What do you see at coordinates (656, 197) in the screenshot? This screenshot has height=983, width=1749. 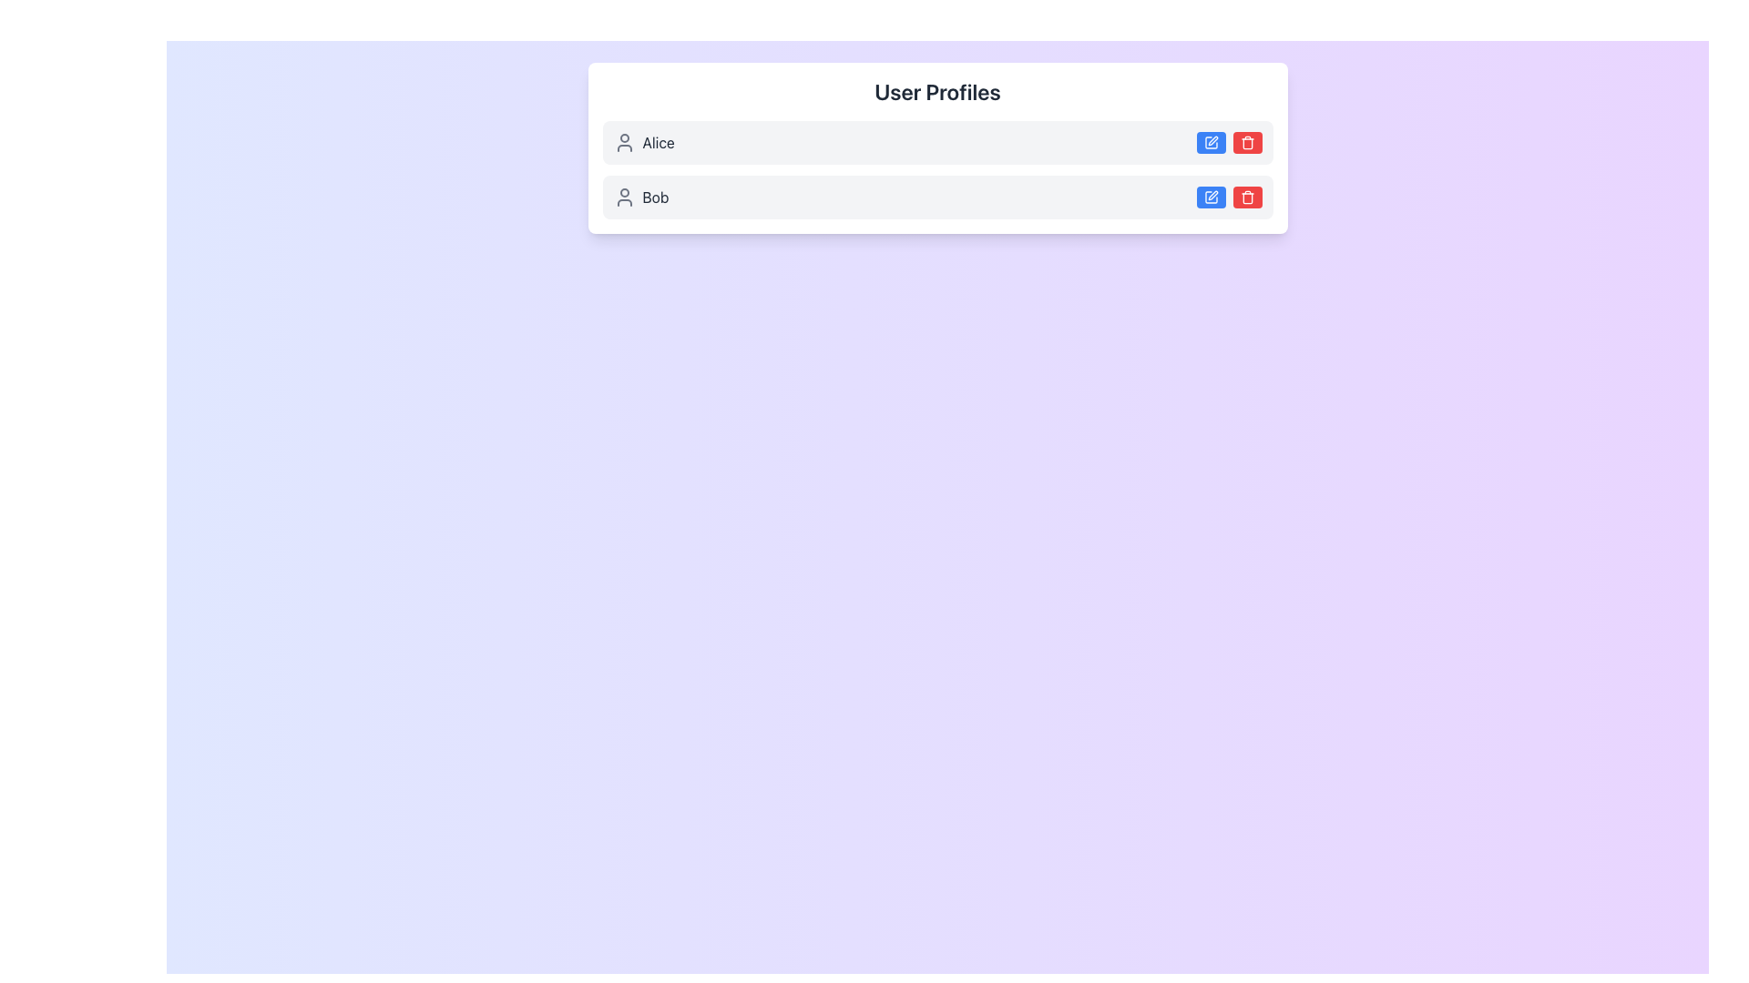 I see `text of the label displaying 'Bob', which is the second item in the user profile listing, positioned between a user icon and action buttons` at bounding box center [656, 197].